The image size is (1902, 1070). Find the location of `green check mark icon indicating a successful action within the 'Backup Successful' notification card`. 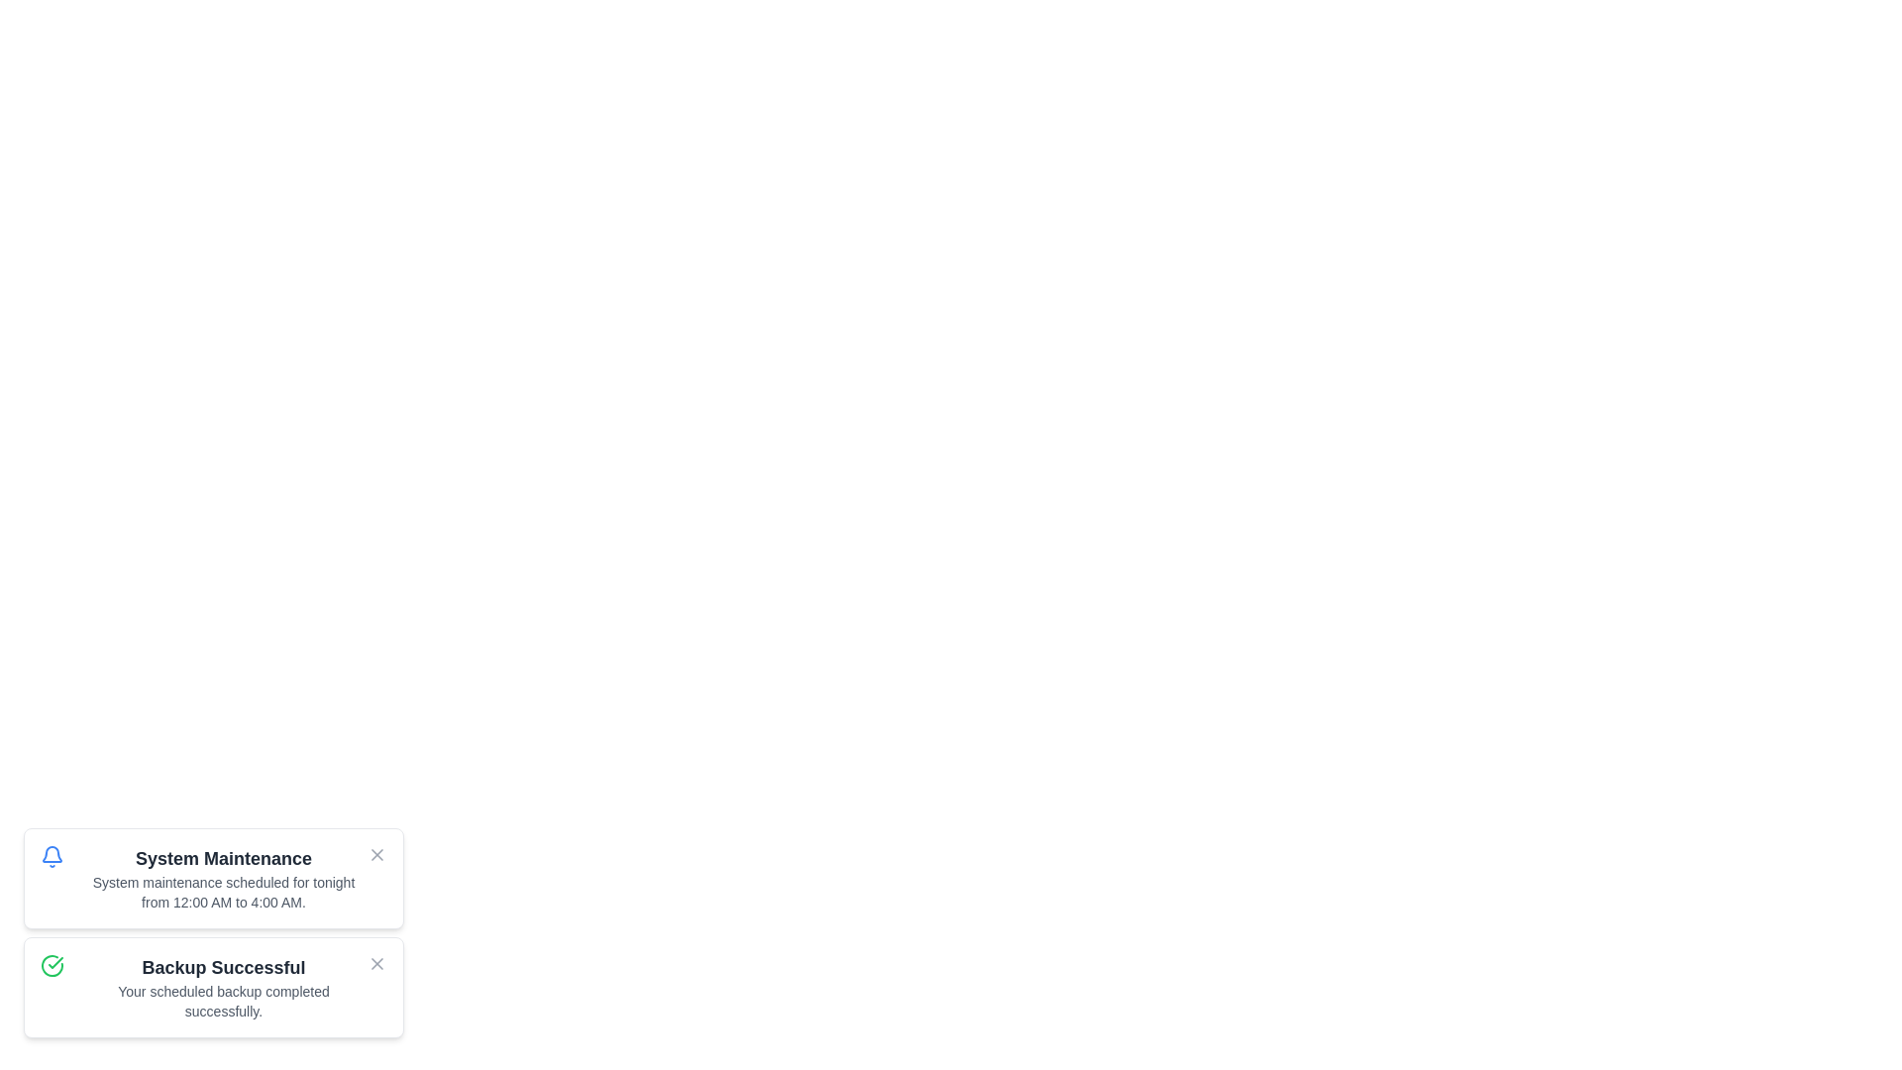

green check mark icon indicating a successful action within the 'Backup Successful' notification card is located at coordinates (55, 962).